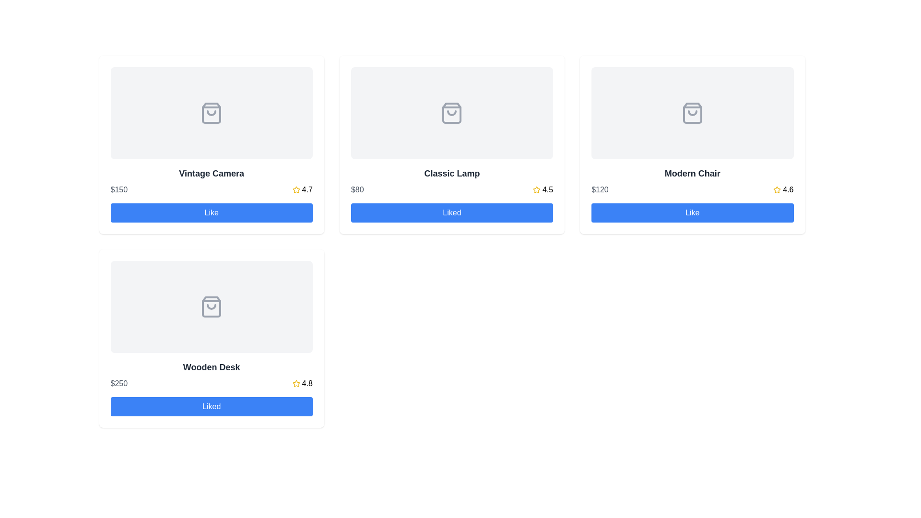 The image size is (921, 518). Describe the element at coordinates (211, 212) in the screenshot. I see `the button that expresses interest for the 'Vintage Camera' product, located below the price '$150' and rating '4.7'` at that location.